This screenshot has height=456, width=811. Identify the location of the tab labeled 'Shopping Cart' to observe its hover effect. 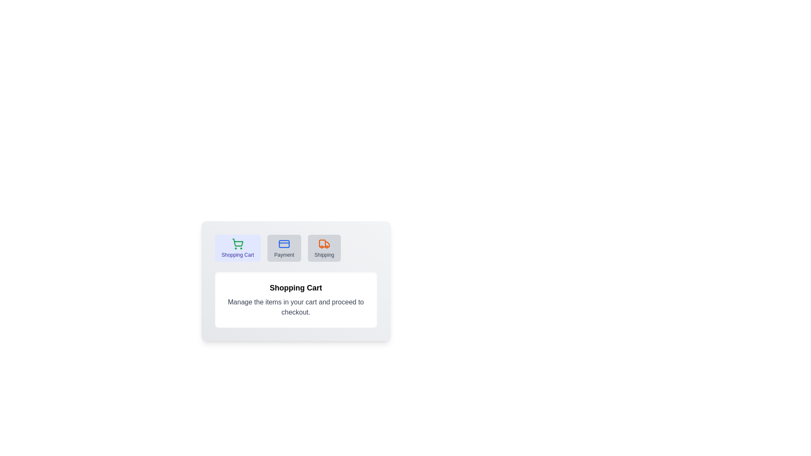
(237, 247).